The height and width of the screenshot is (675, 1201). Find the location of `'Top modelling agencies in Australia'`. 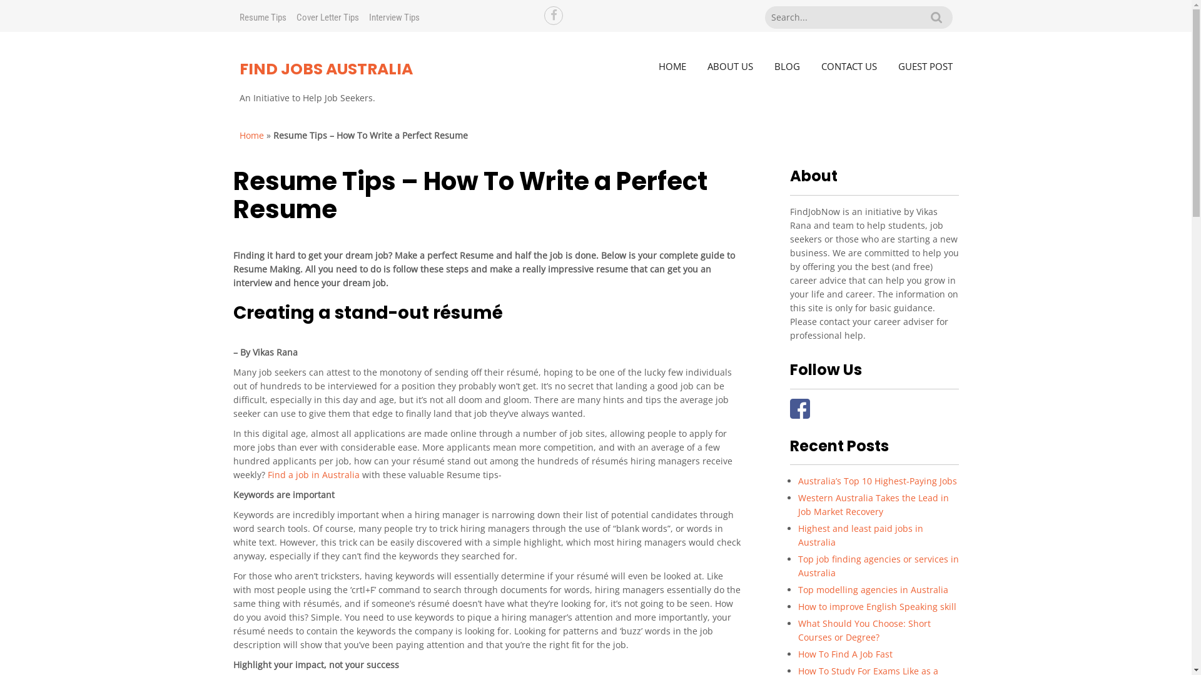

'Top modelling agencies in Australia' is located at coordinates (798, 589).